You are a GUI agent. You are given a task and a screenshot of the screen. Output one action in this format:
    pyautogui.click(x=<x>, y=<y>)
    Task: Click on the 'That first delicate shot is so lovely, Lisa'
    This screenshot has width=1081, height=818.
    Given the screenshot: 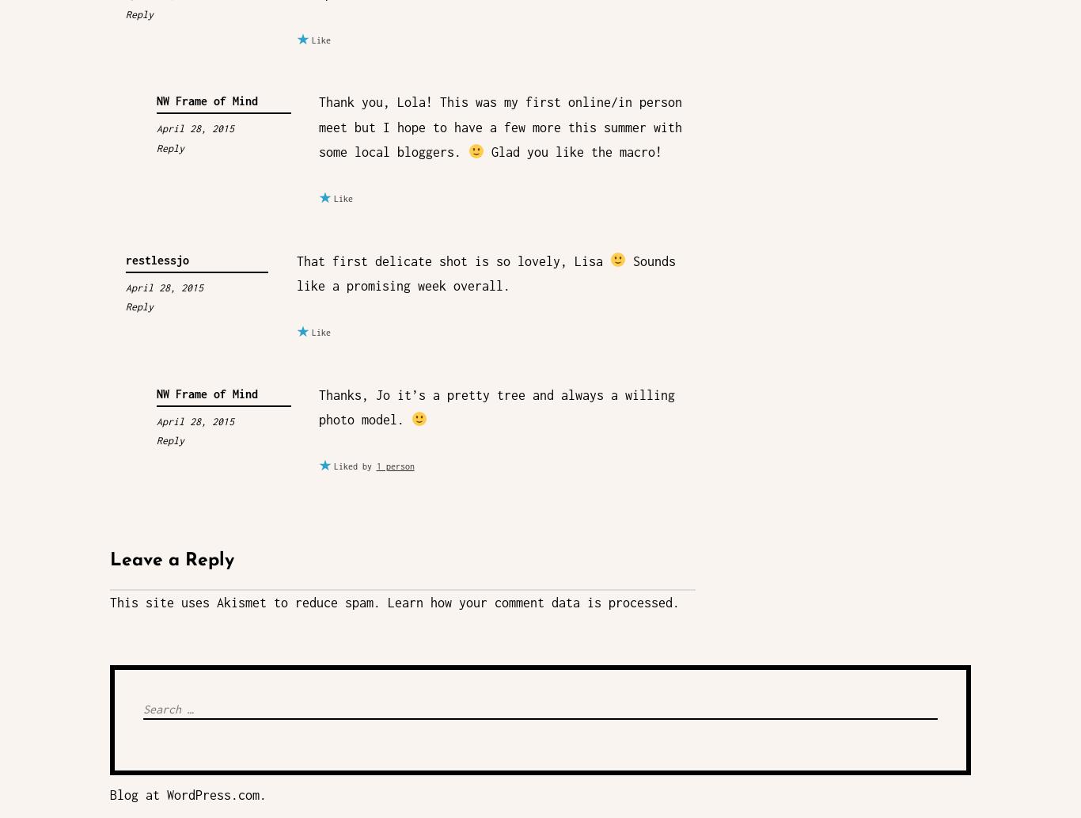 What is the action you would take?
    pyautogui.click(x=451, y=260)
    